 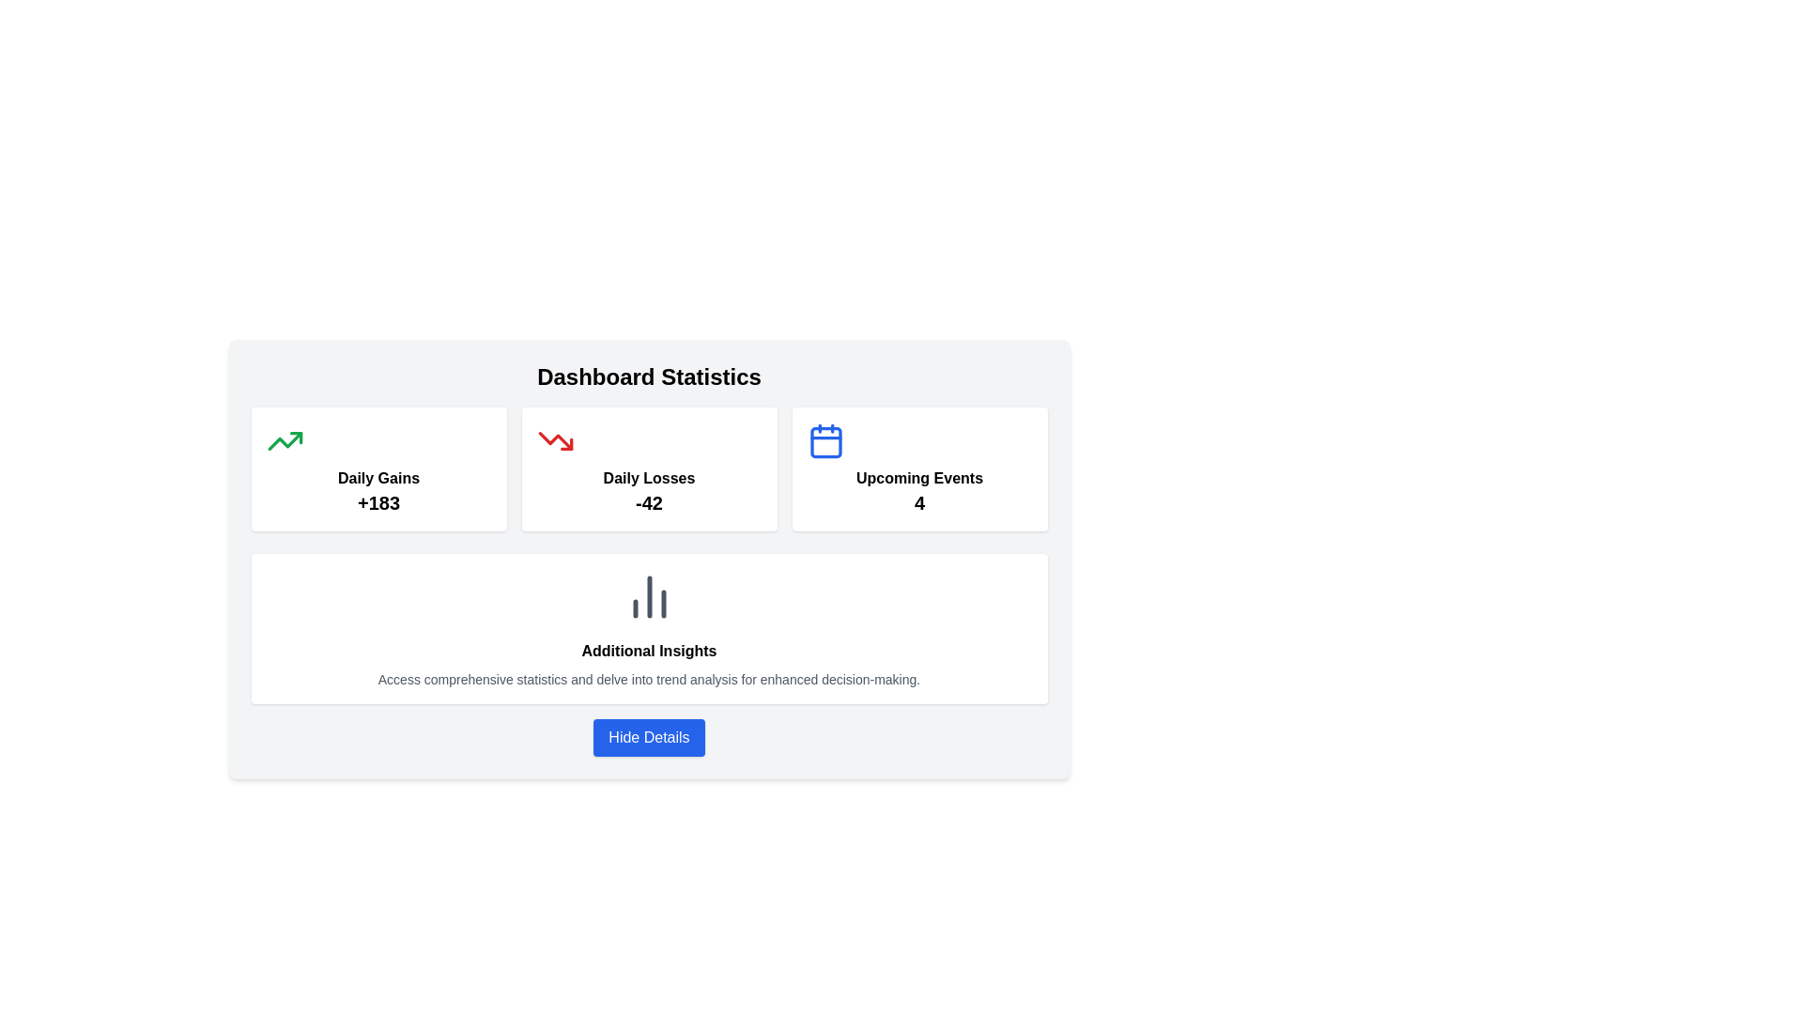 I want to click on the bold, large font-sized text displaying the number '4', which is styled in black and located beneath the label 'Upcoming Events' inside the third card of statistical cards, so click(x=919, y=502).